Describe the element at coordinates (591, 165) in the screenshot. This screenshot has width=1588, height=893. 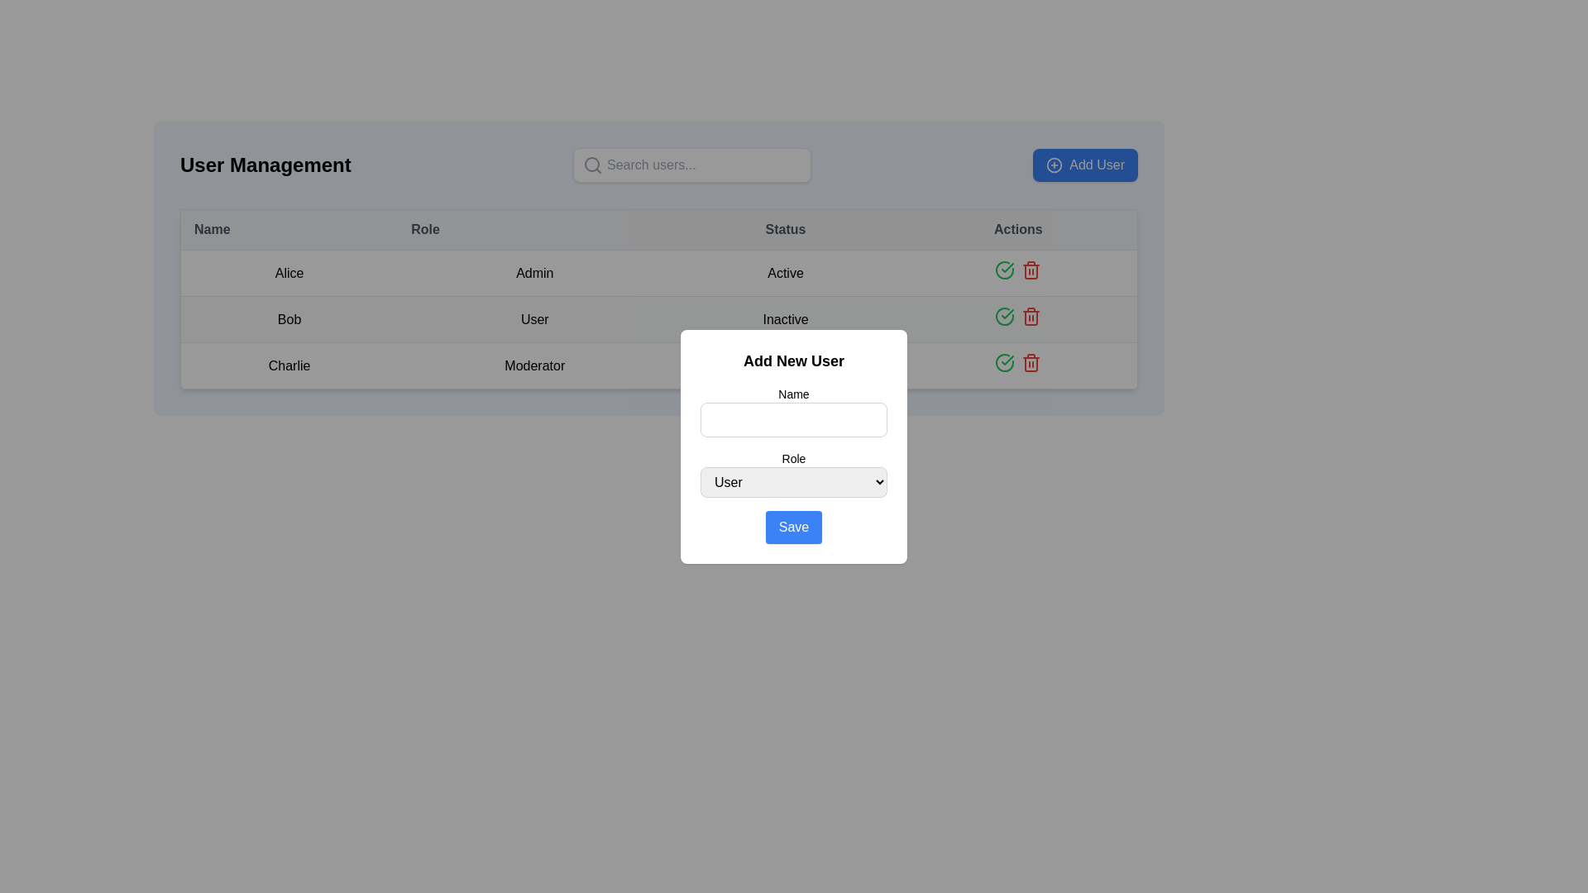
I see `the circular search icon graphic, which resembles a magnifying glass lens, located near the left edge of the search input bar in the user management section` at that location.